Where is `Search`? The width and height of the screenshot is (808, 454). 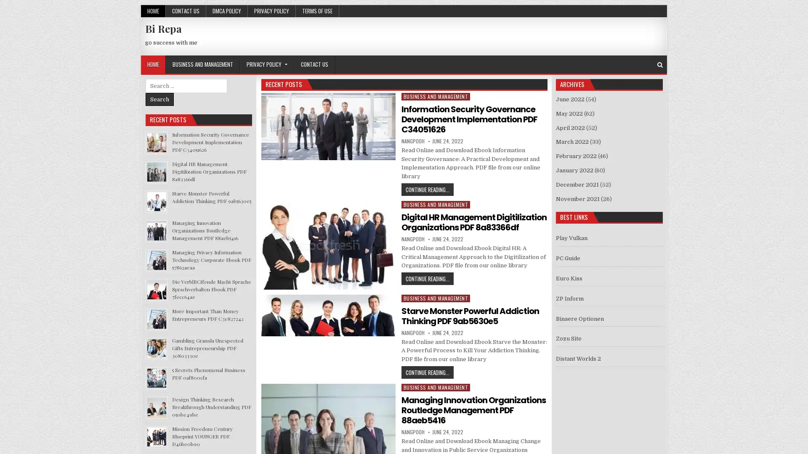
Search is located at coordinates (159, 99).